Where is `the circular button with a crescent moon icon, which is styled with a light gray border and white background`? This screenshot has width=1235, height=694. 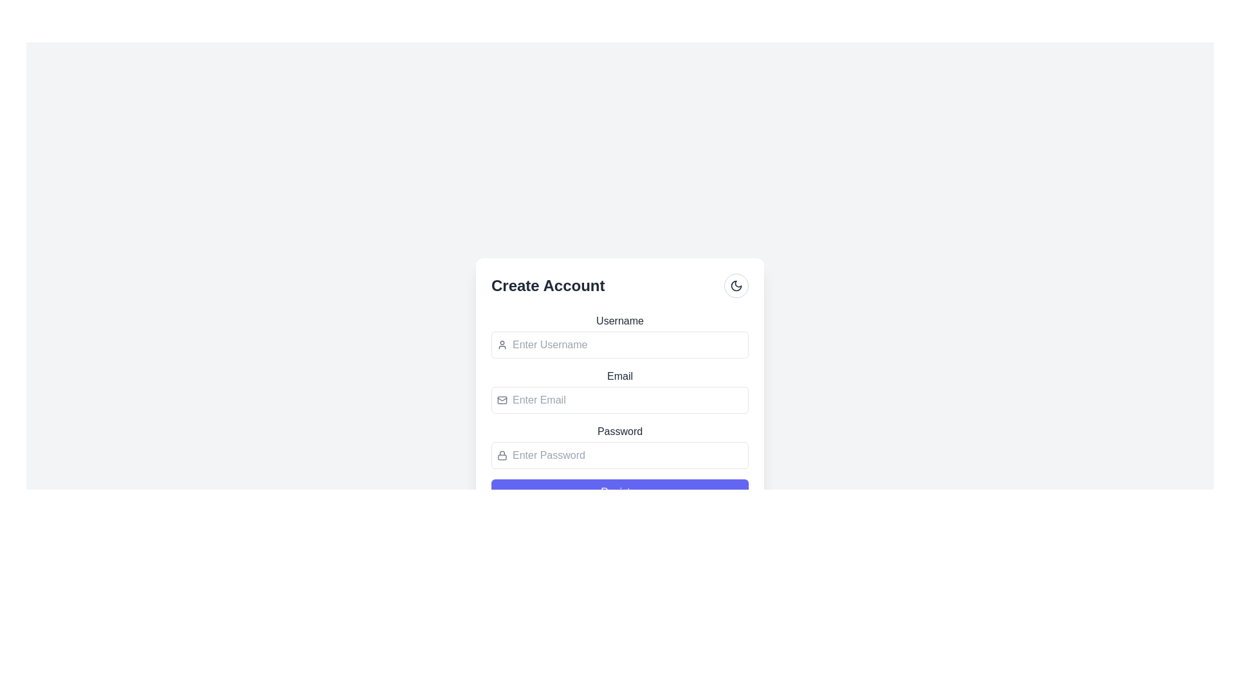 the circular button with a crescent moon icon, which is styled with a light gray border and white background is located at coordinates (736, 285).